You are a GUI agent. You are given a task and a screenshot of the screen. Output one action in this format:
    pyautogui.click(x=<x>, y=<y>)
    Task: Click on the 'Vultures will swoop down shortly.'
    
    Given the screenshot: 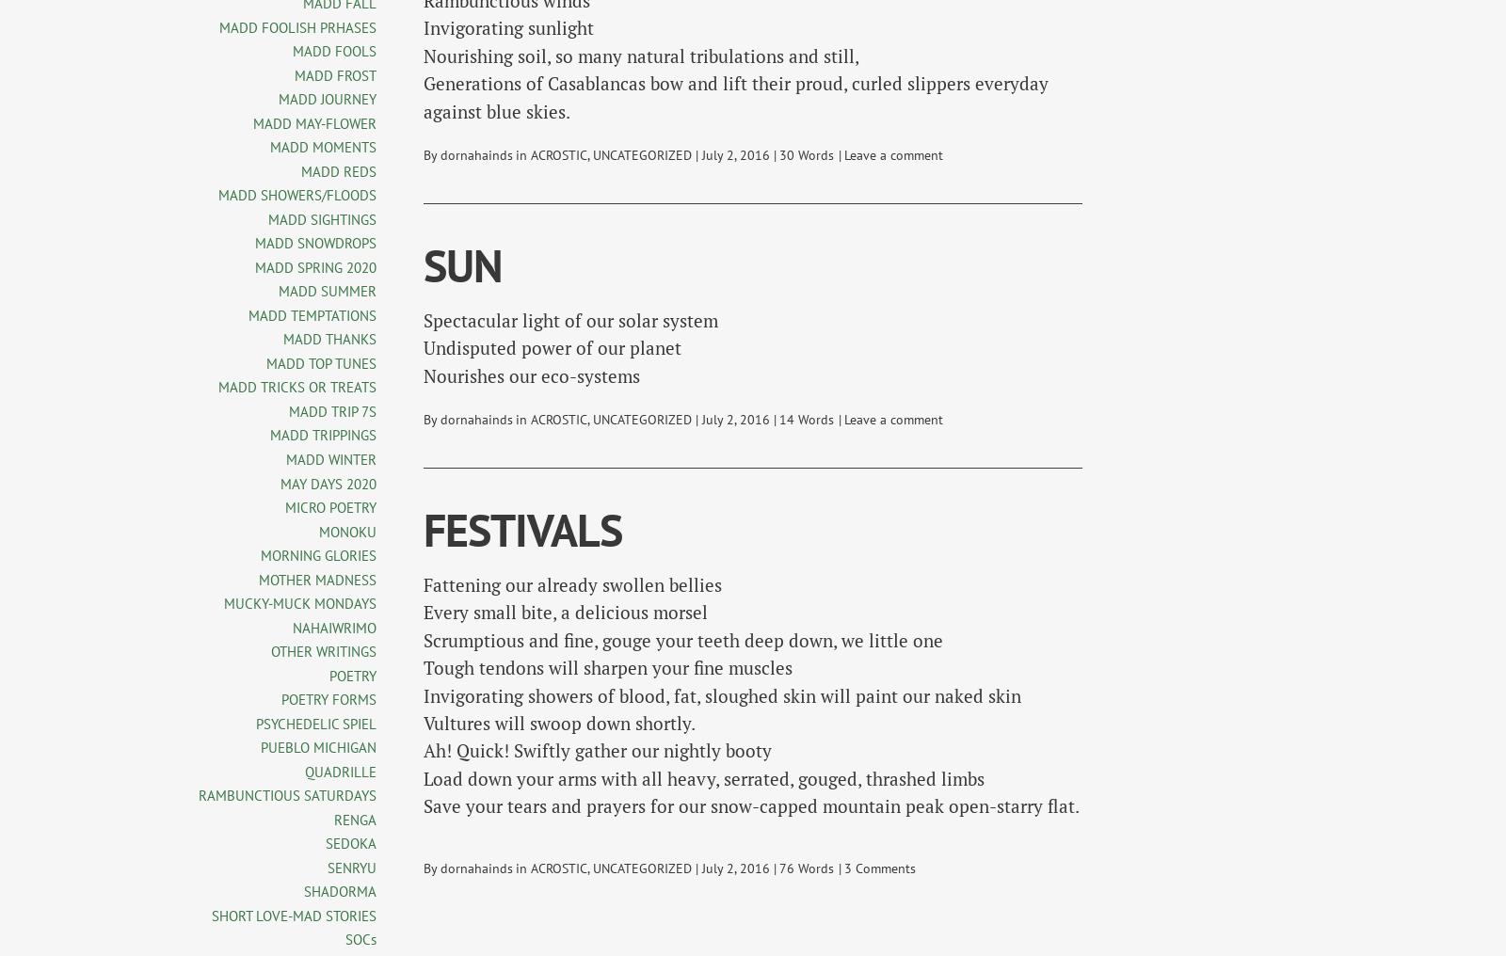 What is the action you would take?
    pyautogui.click(x=558, y=722)
    